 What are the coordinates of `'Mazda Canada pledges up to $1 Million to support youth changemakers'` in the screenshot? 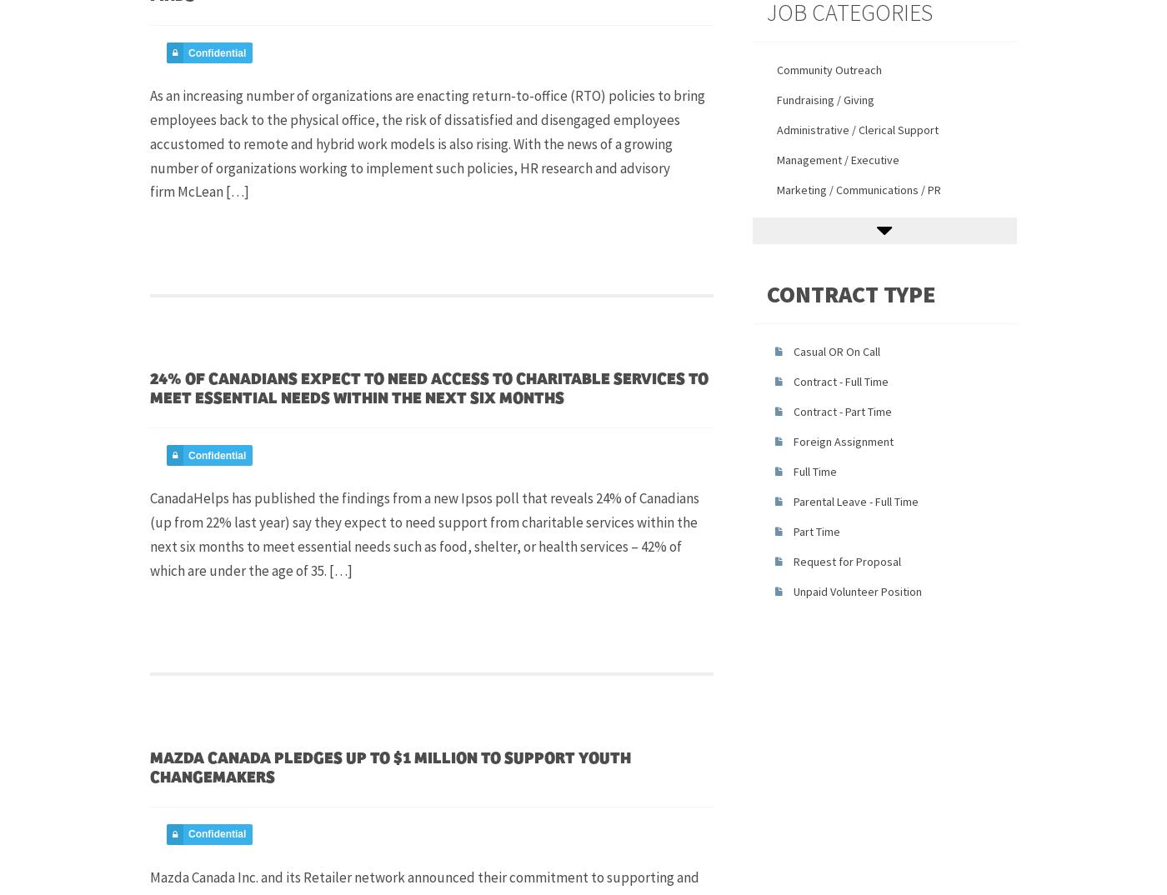 It's located at (390, 767).